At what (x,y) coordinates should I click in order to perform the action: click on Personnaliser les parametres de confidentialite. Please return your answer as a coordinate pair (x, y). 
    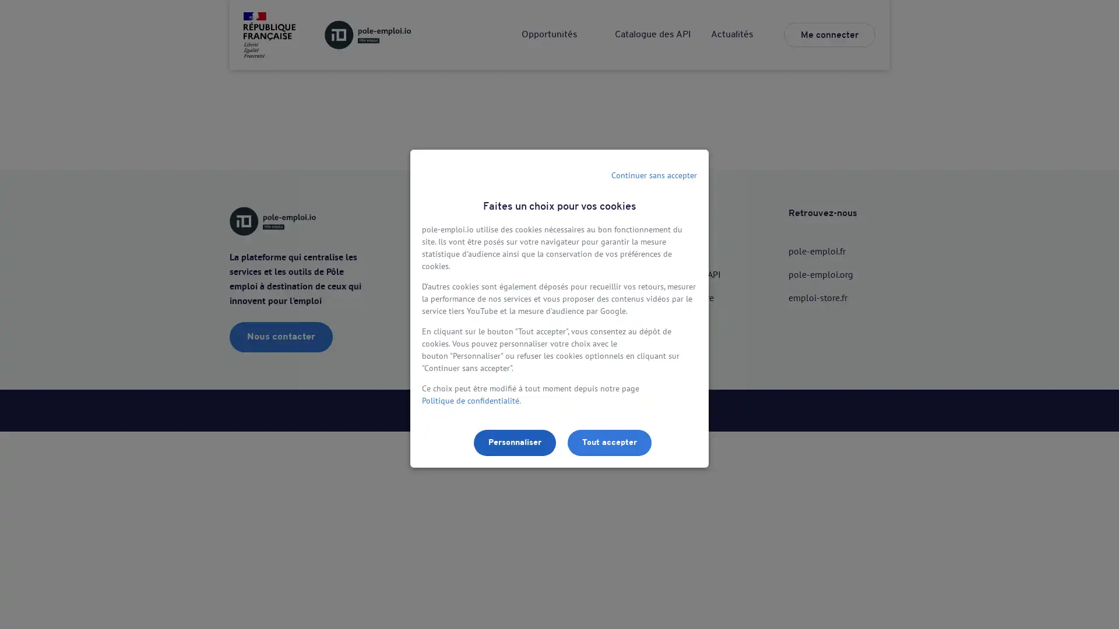
    Looking at the image, I should click on (513, 443).